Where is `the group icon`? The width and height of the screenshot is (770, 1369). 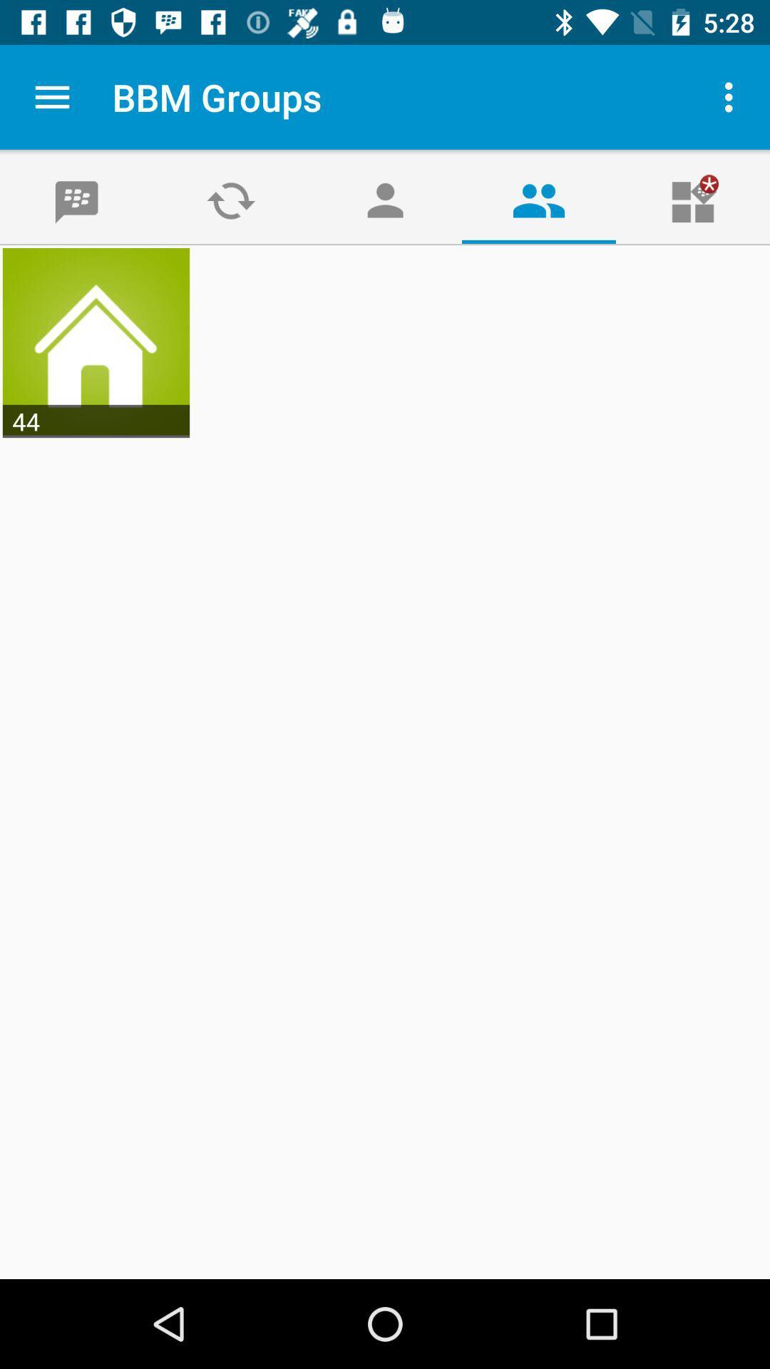 the group icon is located at coordinates (539, 200).